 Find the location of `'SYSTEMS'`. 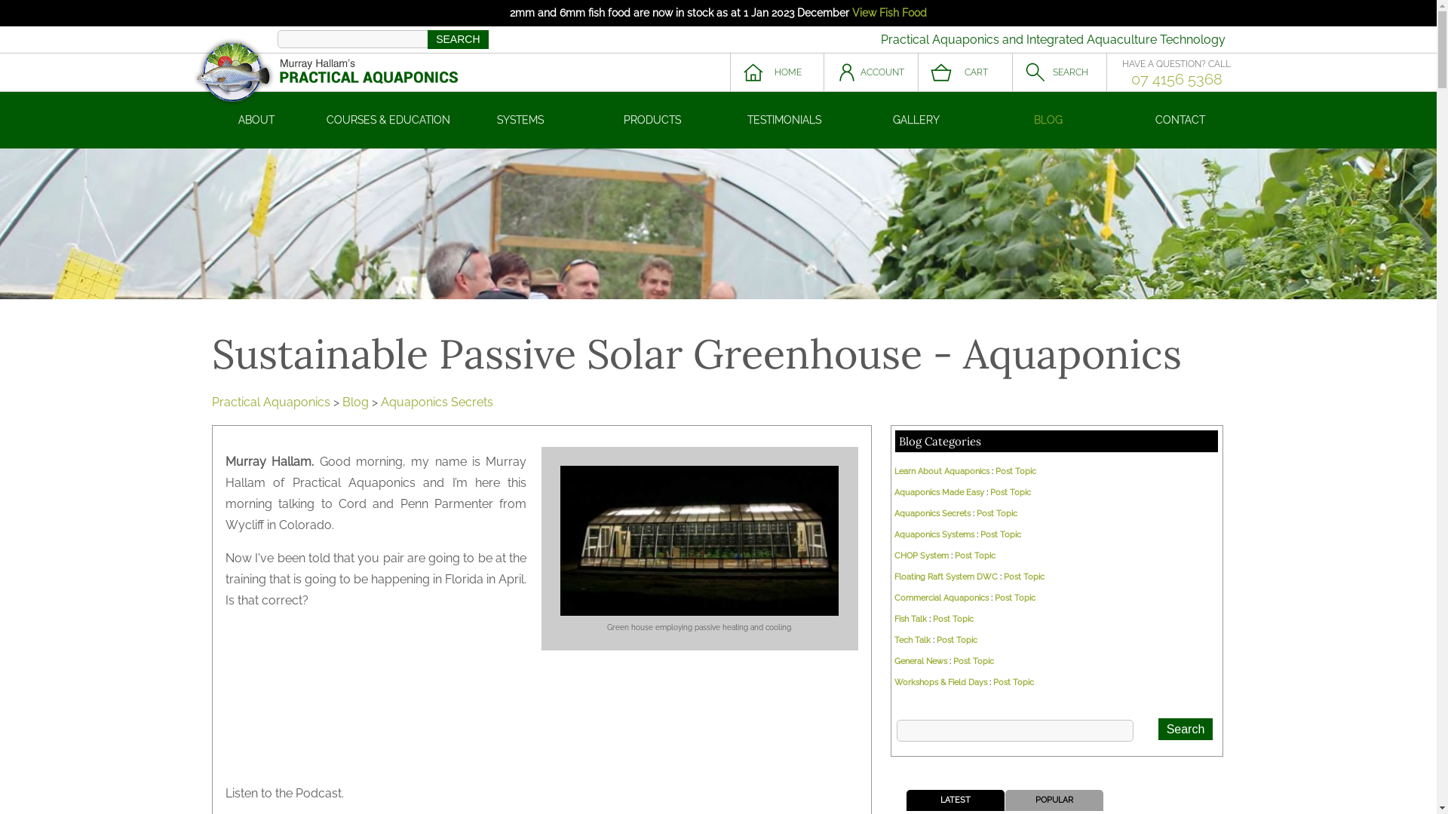

'SYSTEMS' is located at coordinates (520, 119).